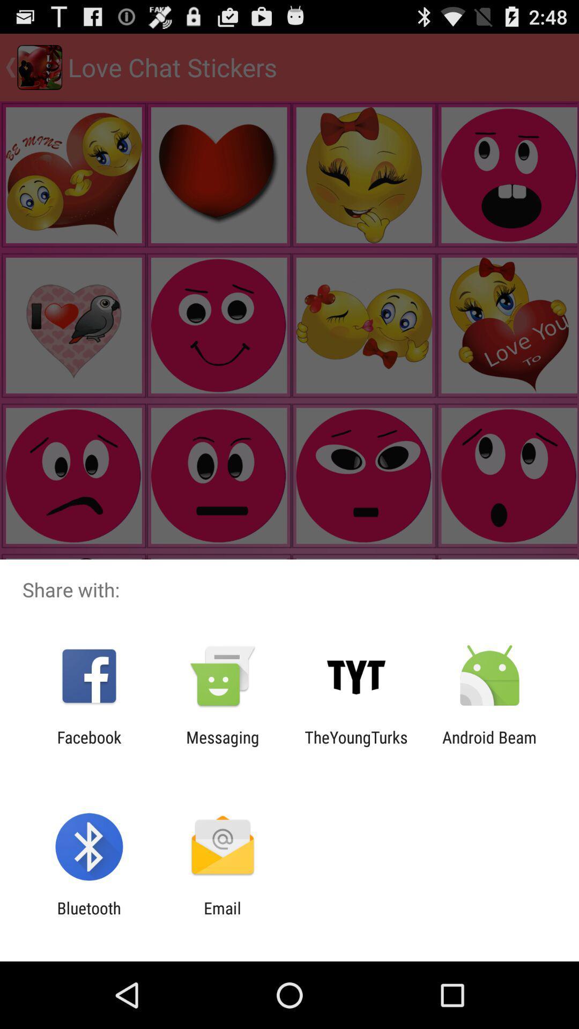  What do you see at coordinates (88, 917) in the screenshot?
I see `the bluetooth icon` at bounding box center [88, 917].